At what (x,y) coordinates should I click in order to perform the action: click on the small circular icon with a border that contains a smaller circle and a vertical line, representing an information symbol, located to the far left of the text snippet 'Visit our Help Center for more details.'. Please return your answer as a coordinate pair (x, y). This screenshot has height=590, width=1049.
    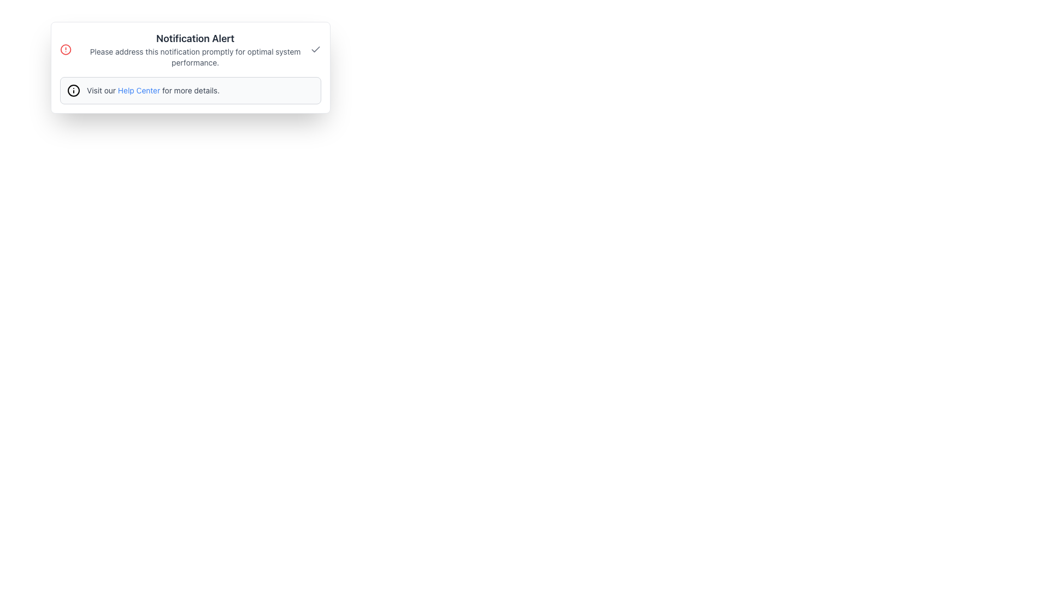
    Looking at the image, I should click on (73, 90).